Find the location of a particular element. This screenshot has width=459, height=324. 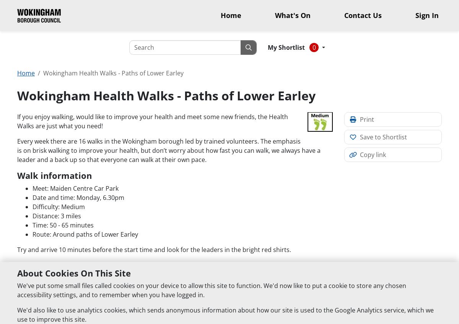

'Time: 50 - 65 minutes' is located at coordinates (32, 224).